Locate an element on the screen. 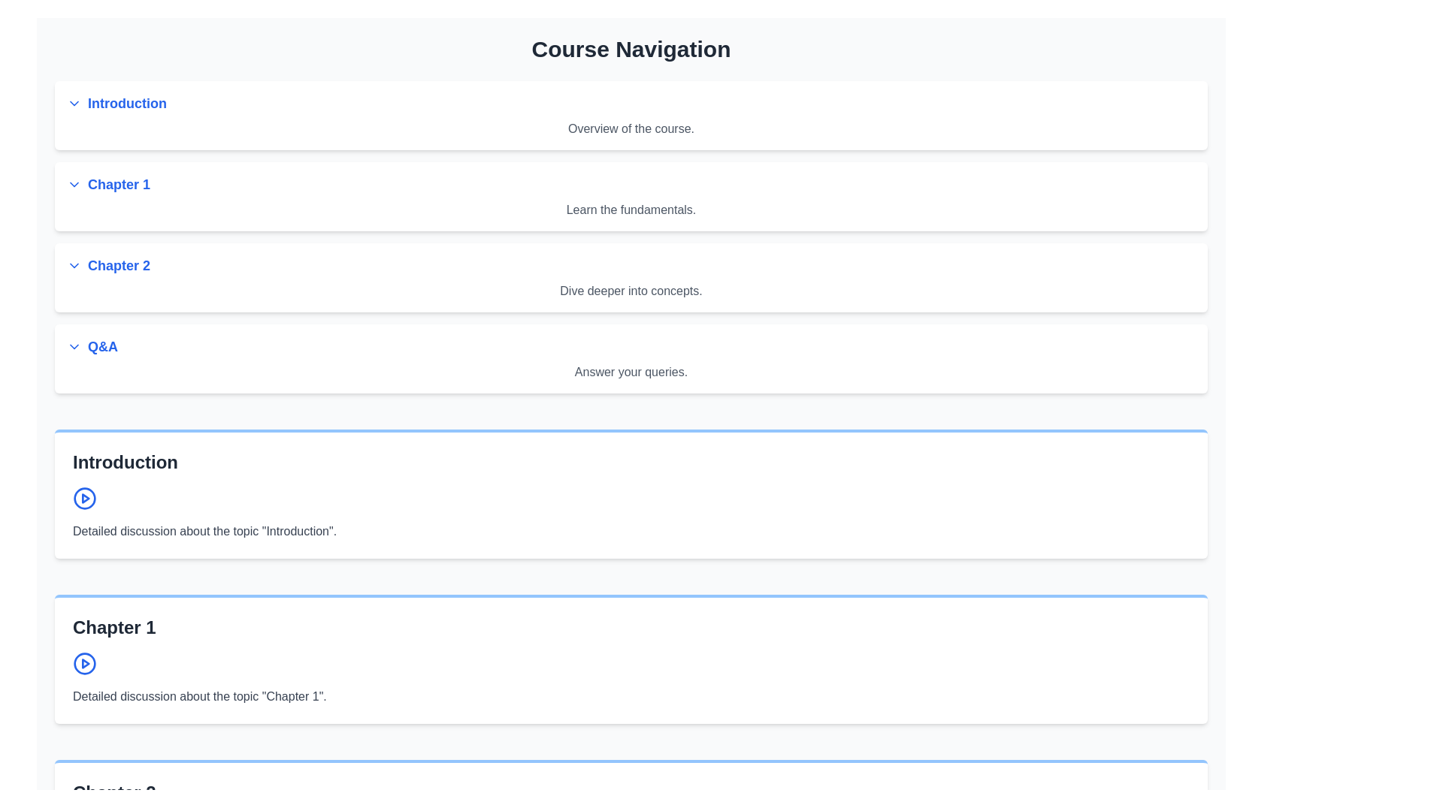  the downward-pointing chevron icon next to 'Q&A' in the 'Course Navigation' interface is located at coordinates (74, 347).